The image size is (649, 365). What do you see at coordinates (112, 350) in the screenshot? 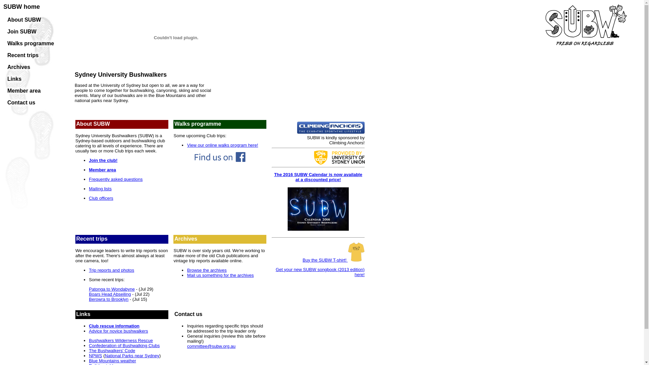
I see `'The Bushwalkers' Code'` at bounding box center [112, 350].